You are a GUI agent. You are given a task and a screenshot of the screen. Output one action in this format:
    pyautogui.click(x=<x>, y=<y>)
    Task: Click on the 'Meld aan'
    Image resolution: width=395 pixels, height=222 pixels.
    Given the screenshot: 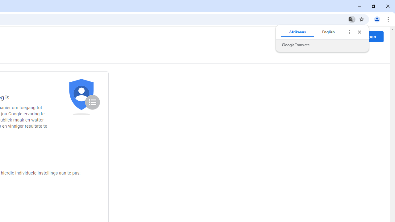 What is the action you would take?
    pyautogui.click(x=366, y=36)
    